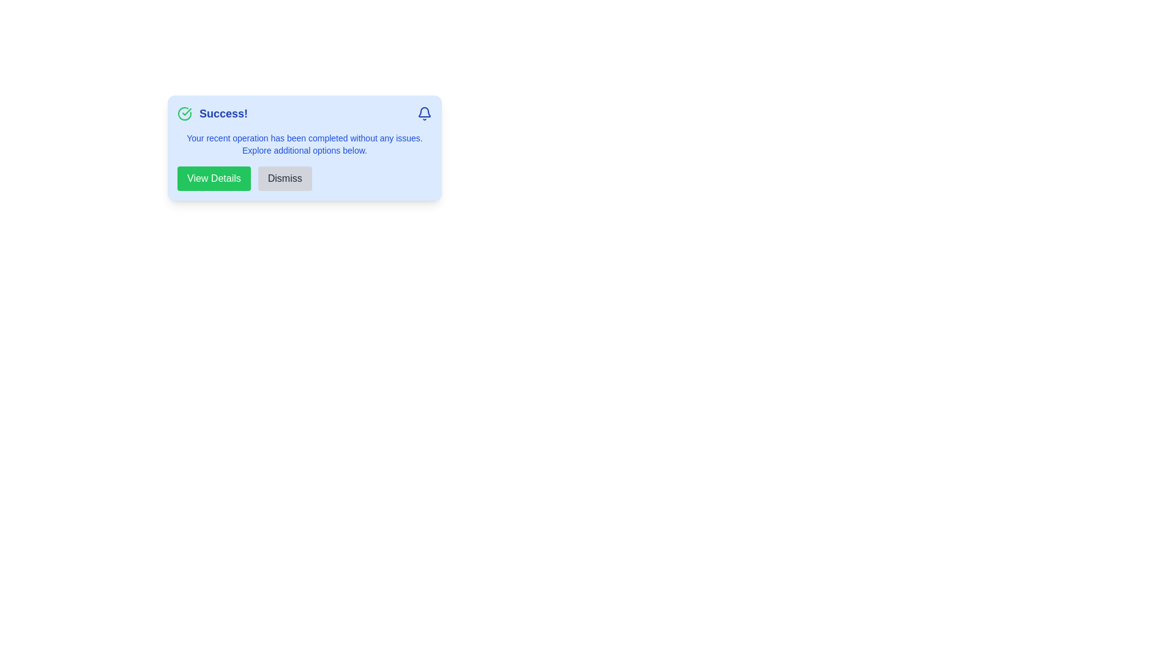  I want to click on the 'Dismiss' button to close the notification, so click(284, 179).